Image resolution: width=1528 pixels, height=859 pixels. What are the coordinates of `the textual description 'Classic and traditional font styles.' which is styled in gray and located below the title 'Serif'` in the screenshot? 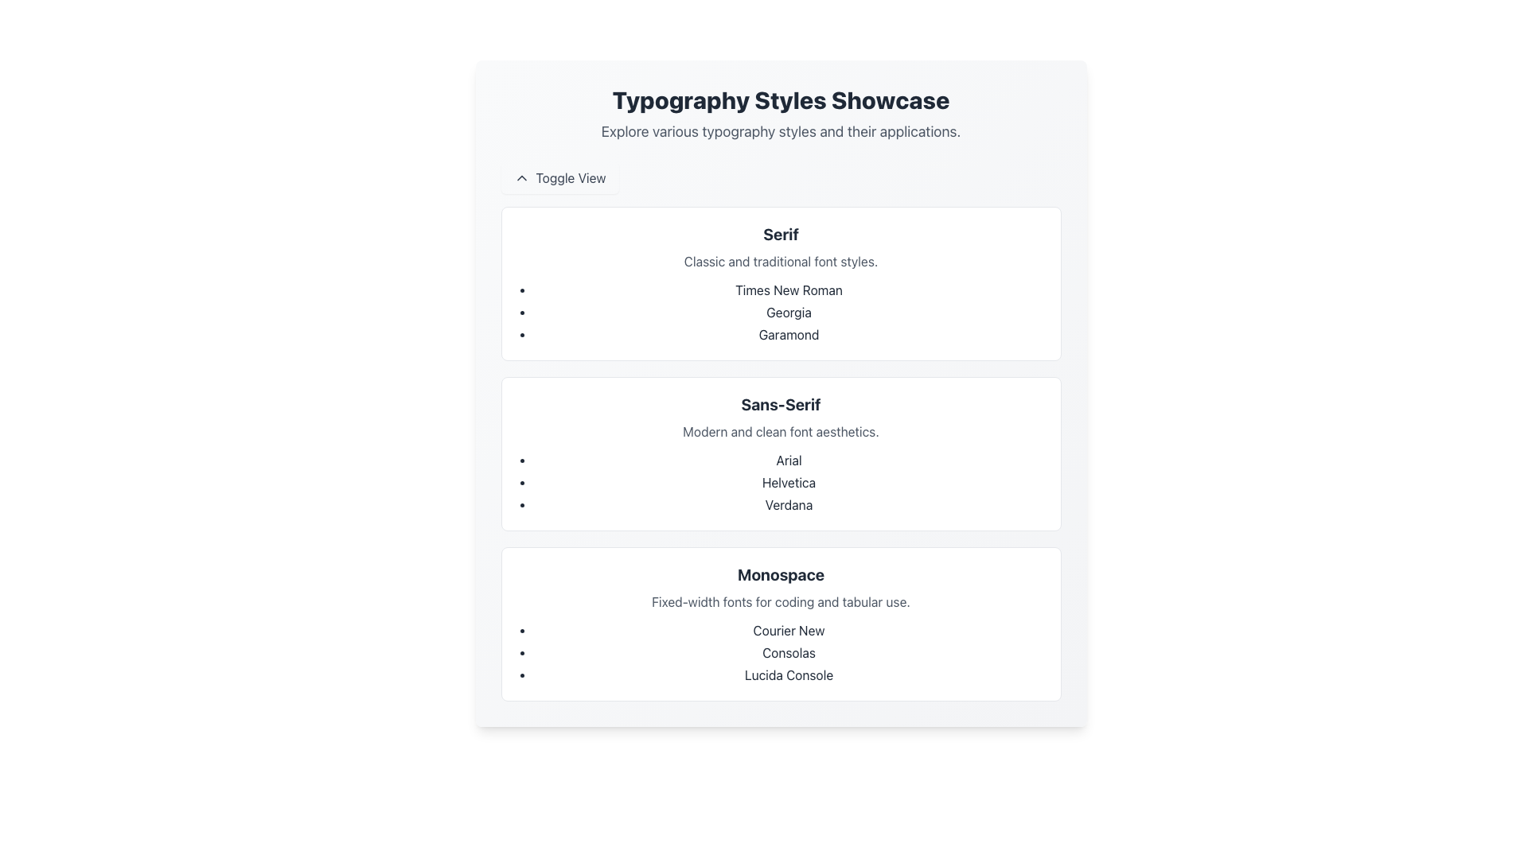 It's located at (781, 260).